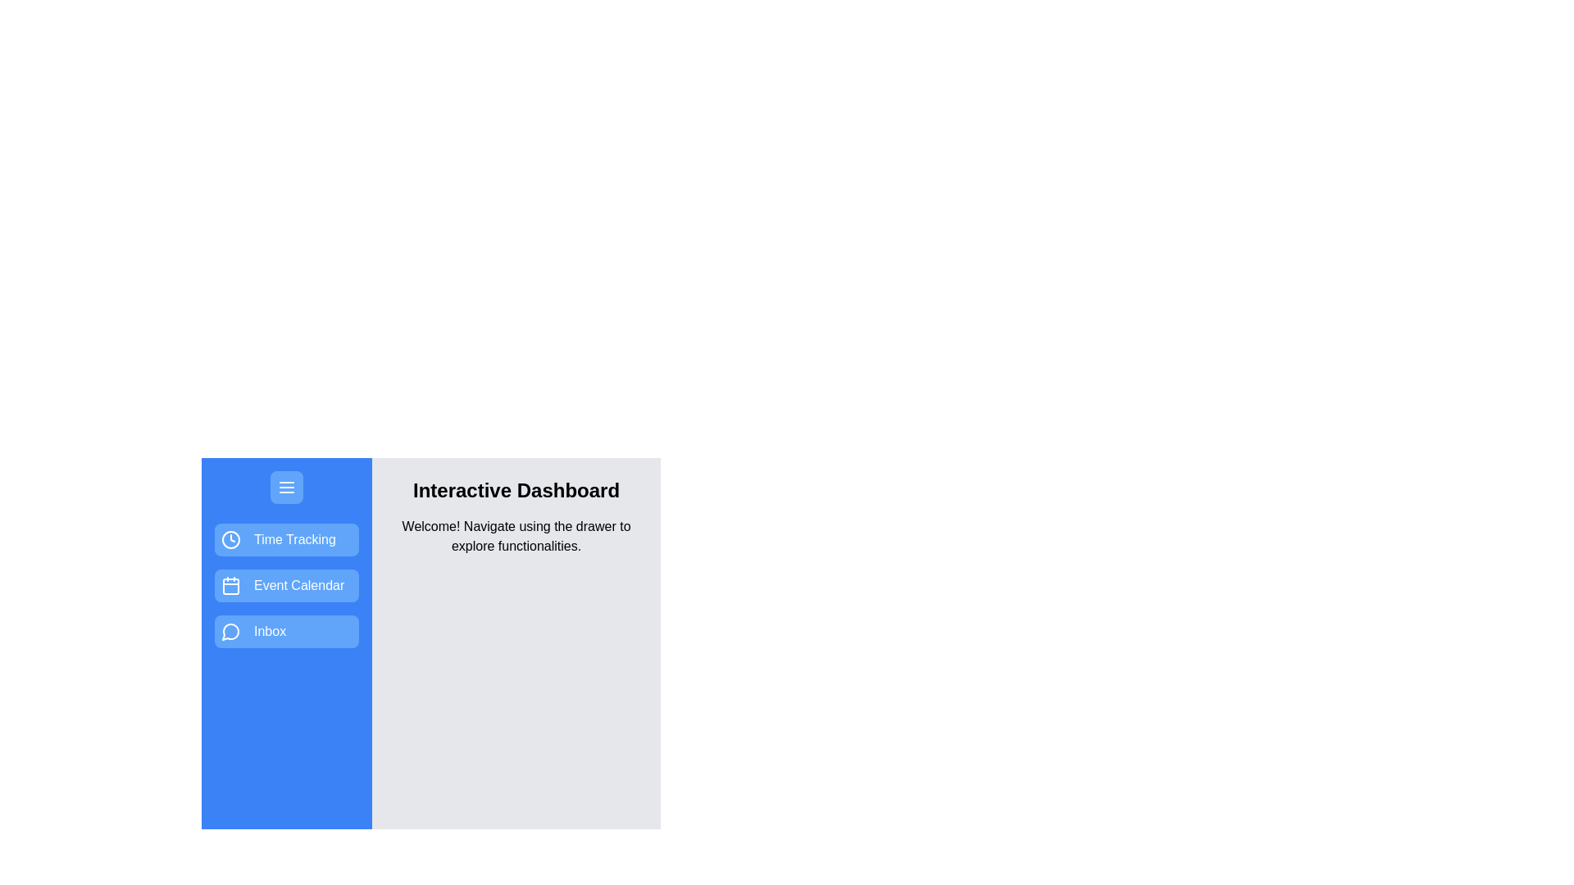  What do you see at coordinates (287, 631) in the screenshot?
I see `the feature Inbox from the drawer` at bounding box center [287, 631].